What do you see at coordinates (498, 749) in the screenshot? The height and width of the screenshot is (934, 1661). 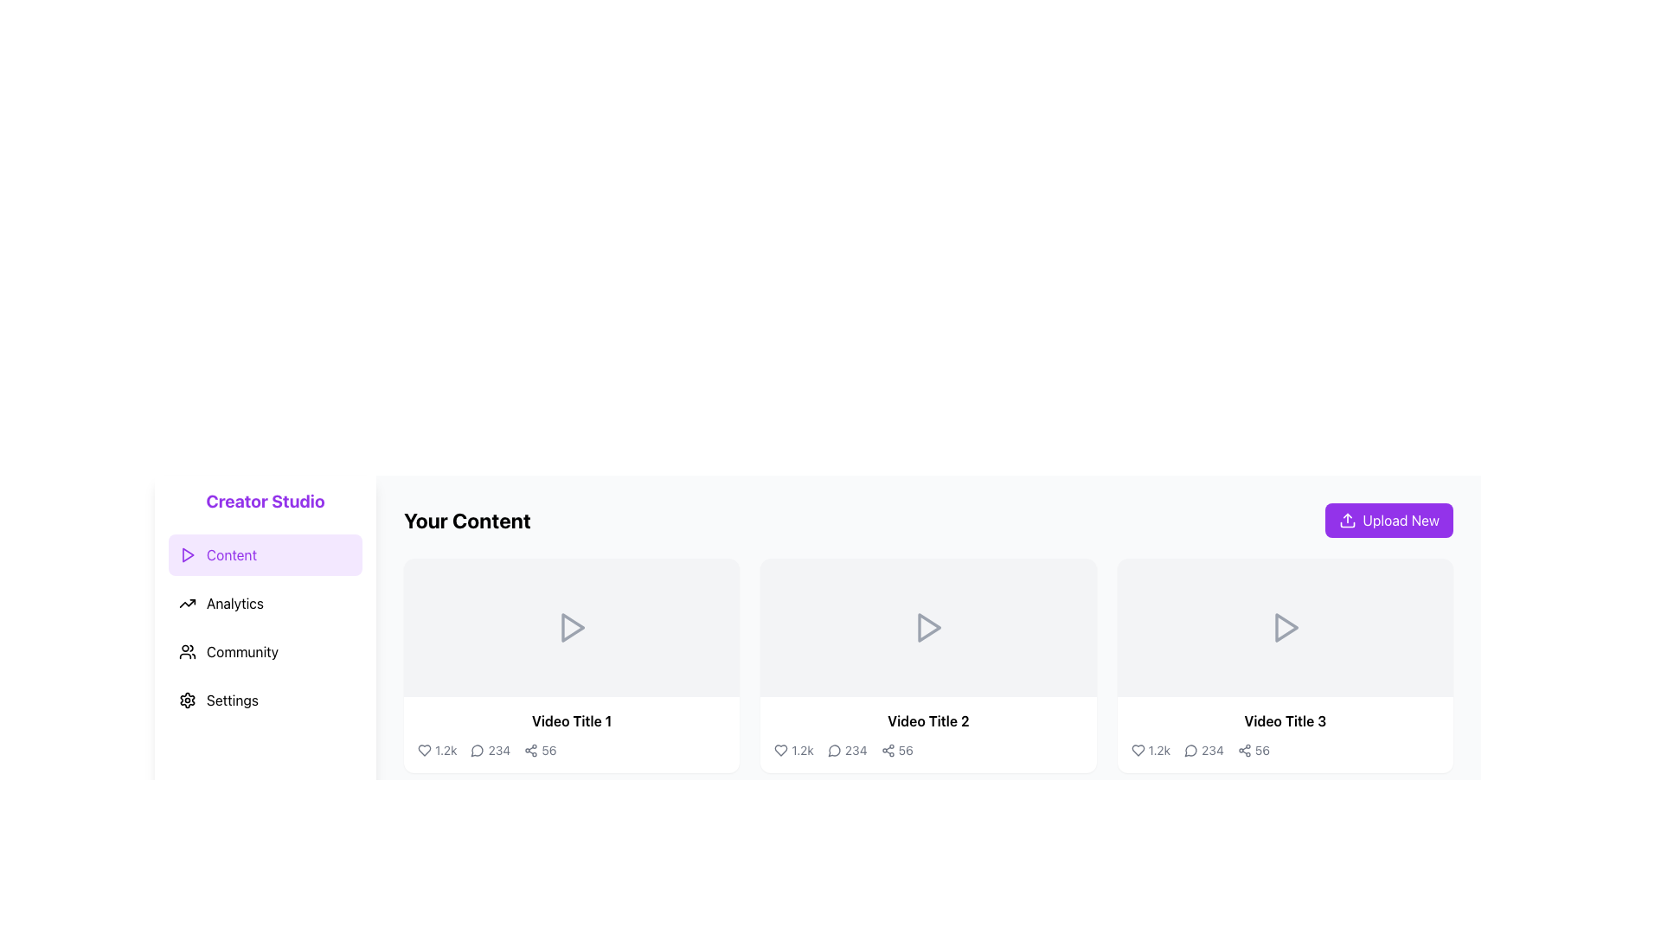 I see `the comment count text located to the right of the speech-bubble-shaped icon and below the title 'Video Title 1' in the first content card` at bounding box center [498, 749].